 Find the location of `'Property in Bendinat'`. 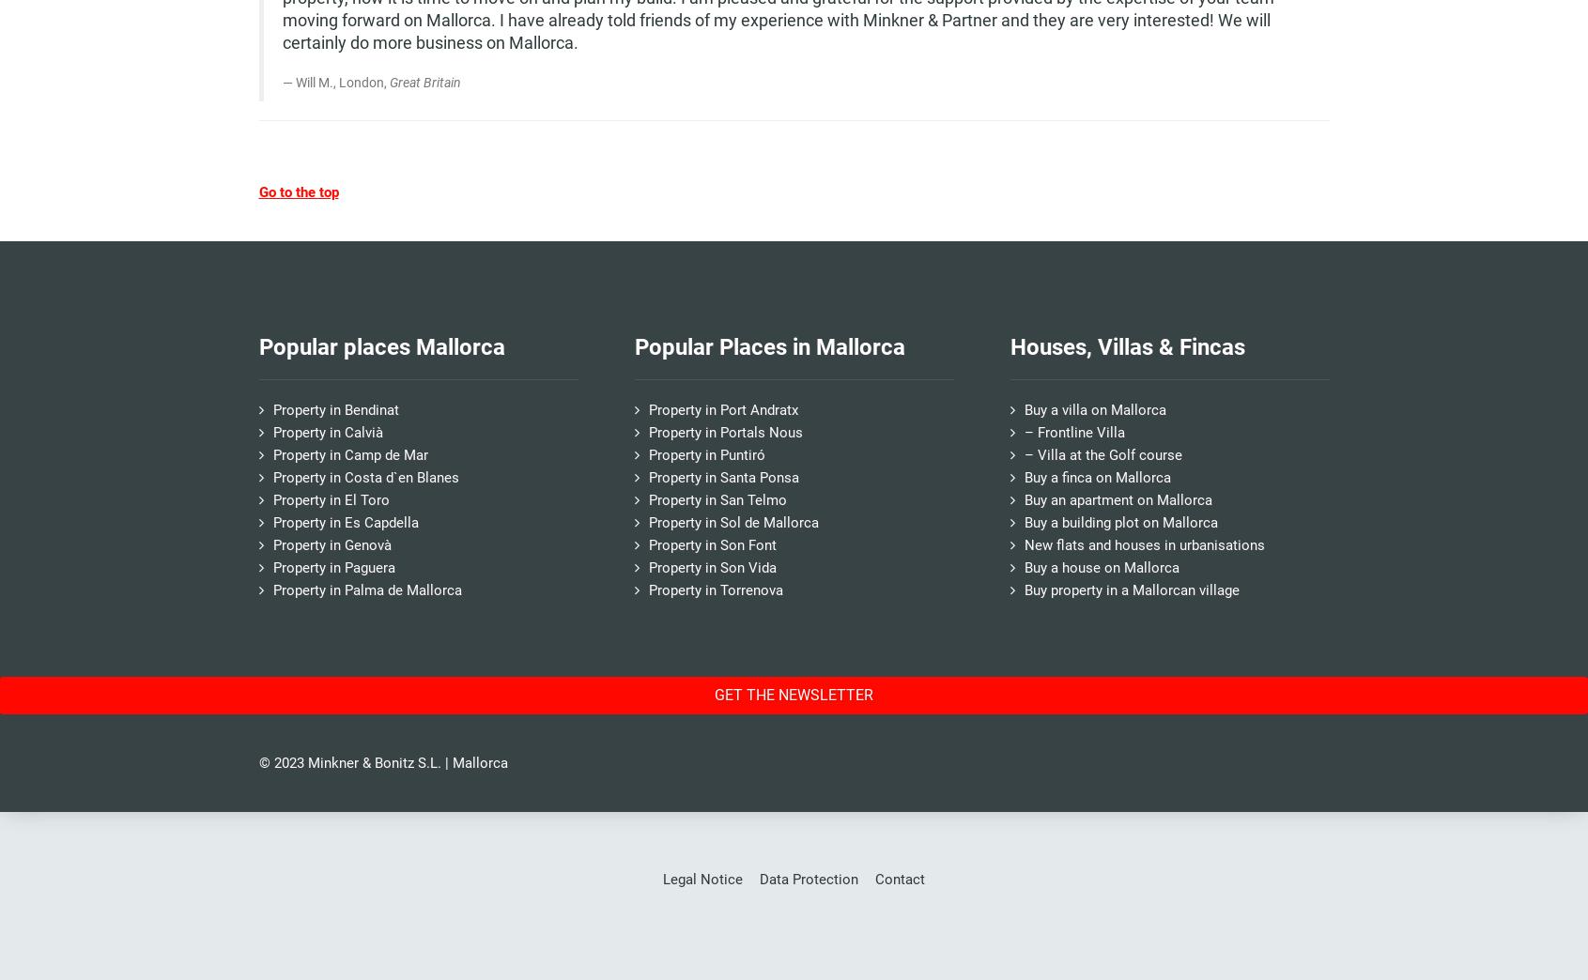

'Property in Bendinat' is located at coordinates (333, 407).